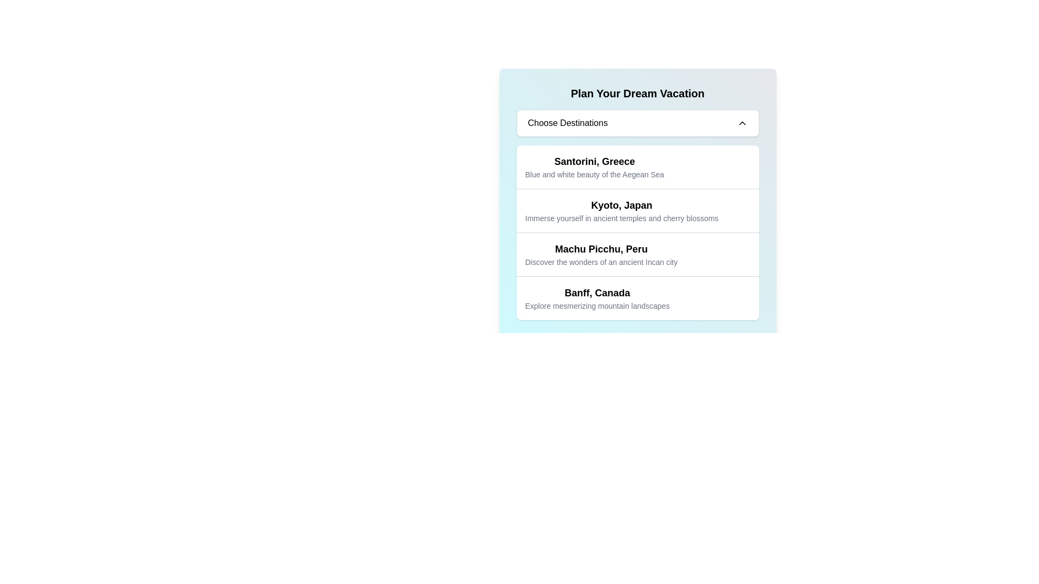 This screenshot has height=584, width=1039. What do you see at coordinates (594, 167) in the screenshot?
I see `the destination selection text element displaying 'Santorini, Greece'` at bounding box center [594, 167].